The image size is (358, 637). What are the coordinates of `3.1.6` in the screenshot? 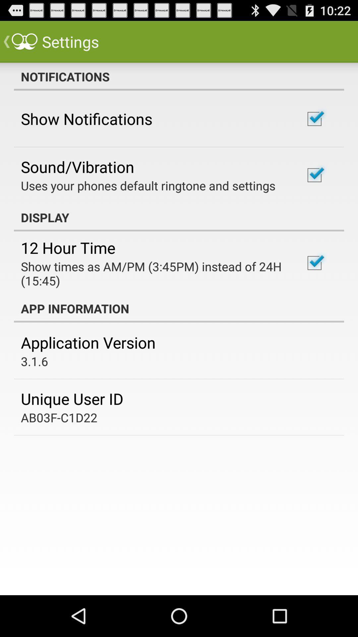 It's located at (34, 361).